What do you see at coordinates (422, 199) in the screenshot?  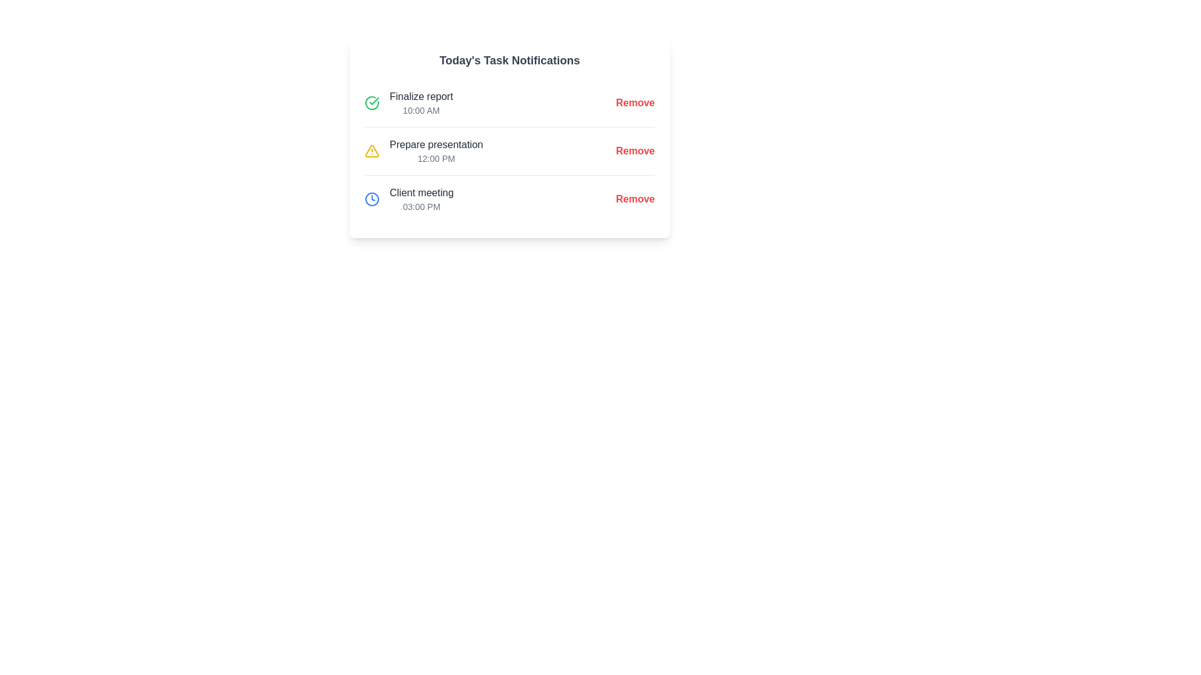 I see `the notification text displaying 'Client meeting' scheduled for '03:00 PM' located in the third row of the task notifications list` at bounding box center [422, 199].